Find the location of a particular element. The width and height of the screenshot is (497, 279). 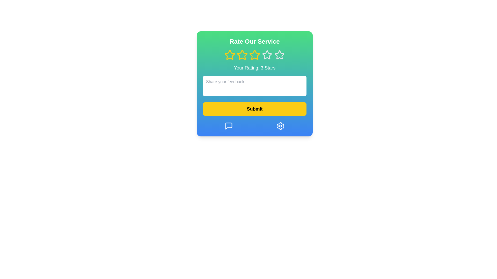

the existing text in the text input field located beneath the star rating system and labeled 'Your Rating: 3 Stars' is located at coordinates (254, 86).